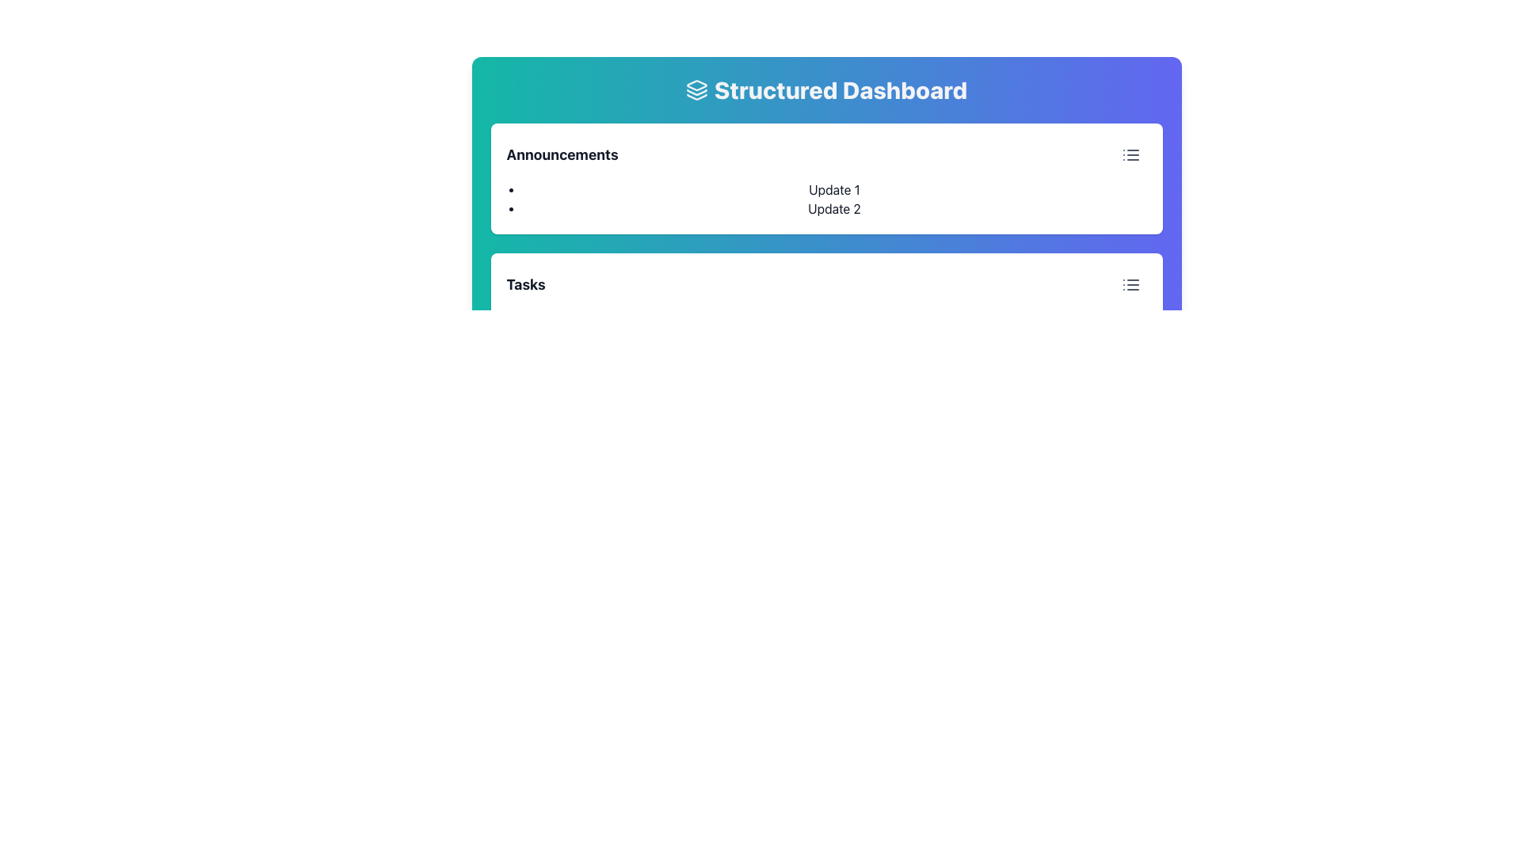  I want to click on the informational label indicating 'Update 1' located under the 'Announcements' heading, which is the first entry in the list, so click(833, 188).